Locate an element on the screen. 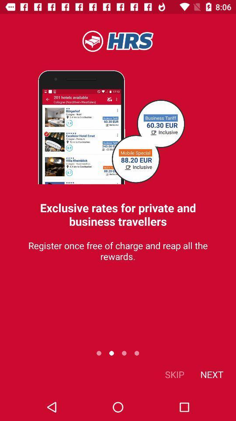  the skip item is located at coordinates (174, 374).